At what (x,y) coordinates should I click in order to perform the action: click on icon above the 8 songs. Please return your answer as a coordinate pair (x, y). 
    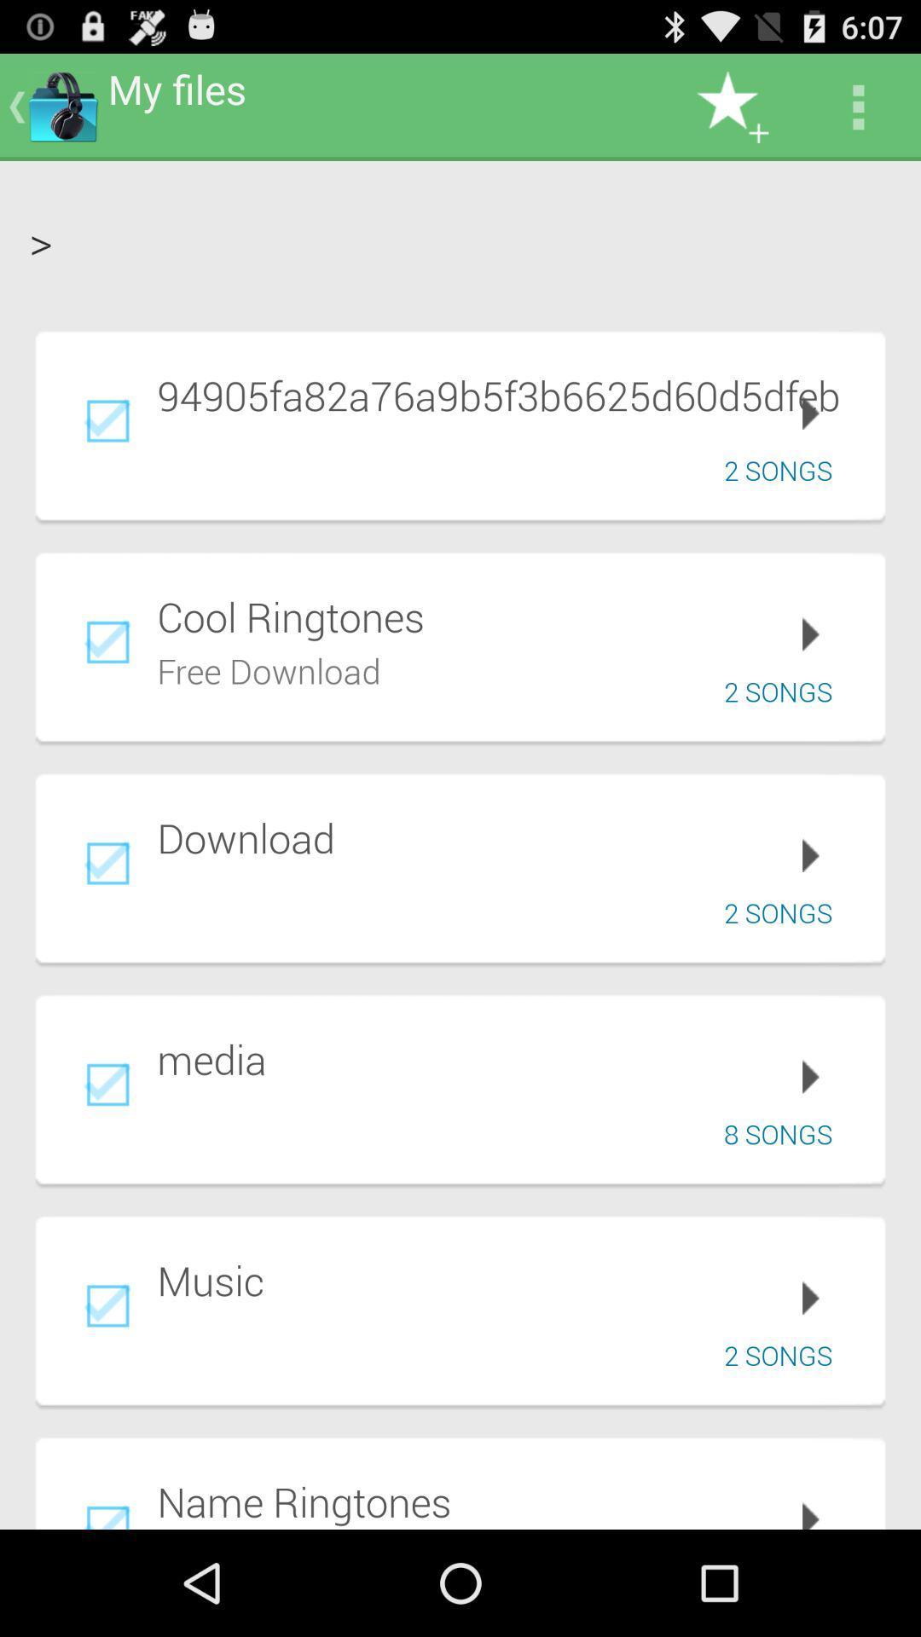
    Looking at the image, I should click on (508, 1058).